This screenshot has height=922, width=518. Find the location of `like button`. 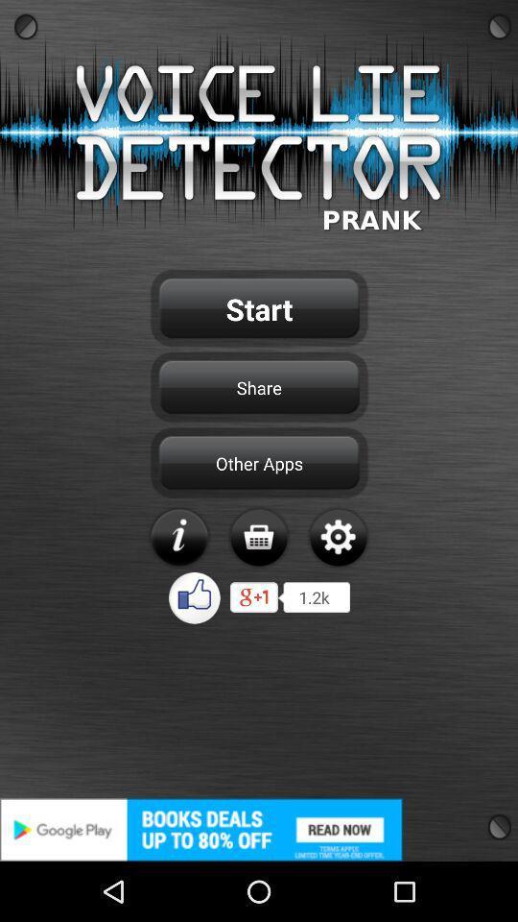

like button is located at coordinates (194, 596).